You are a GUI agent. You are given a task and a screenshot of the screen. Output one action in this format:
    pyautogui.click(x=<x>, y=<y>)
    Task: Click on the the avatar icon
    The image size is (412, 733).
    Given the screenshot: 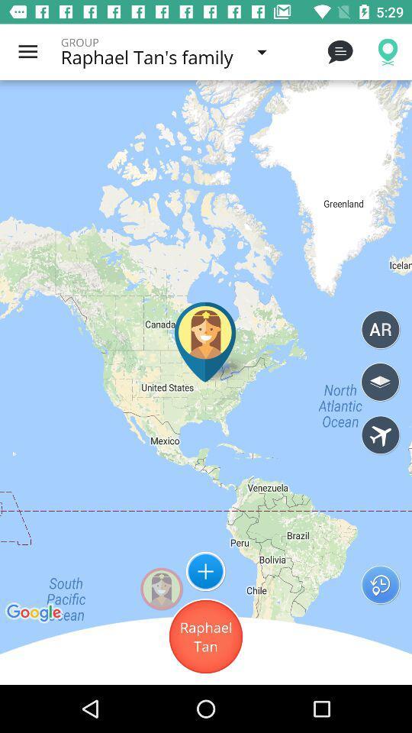 What is the action you would take?
    pyautogui.click(x=160, y=588)
    